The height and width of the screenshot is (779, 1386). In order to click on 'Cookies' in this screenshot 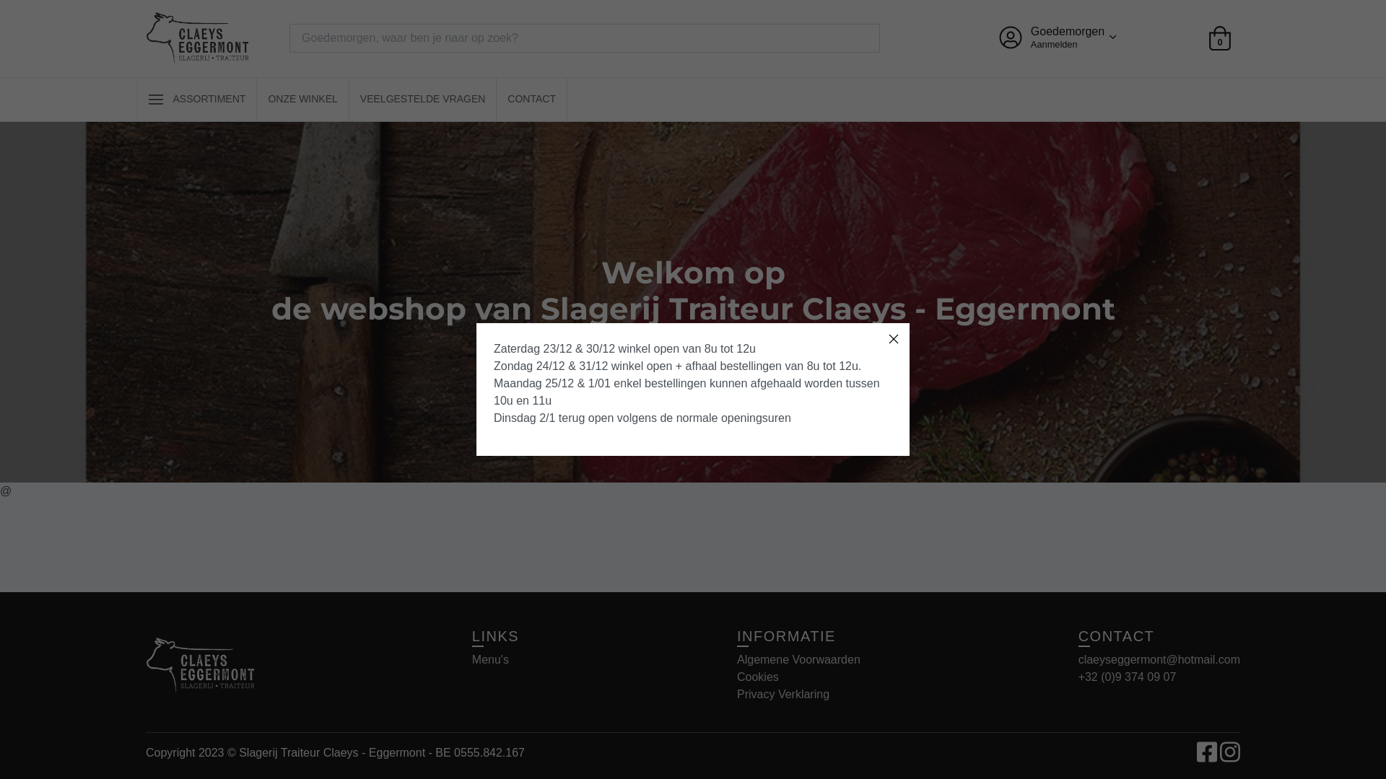, I will do `click(757, 677)`.